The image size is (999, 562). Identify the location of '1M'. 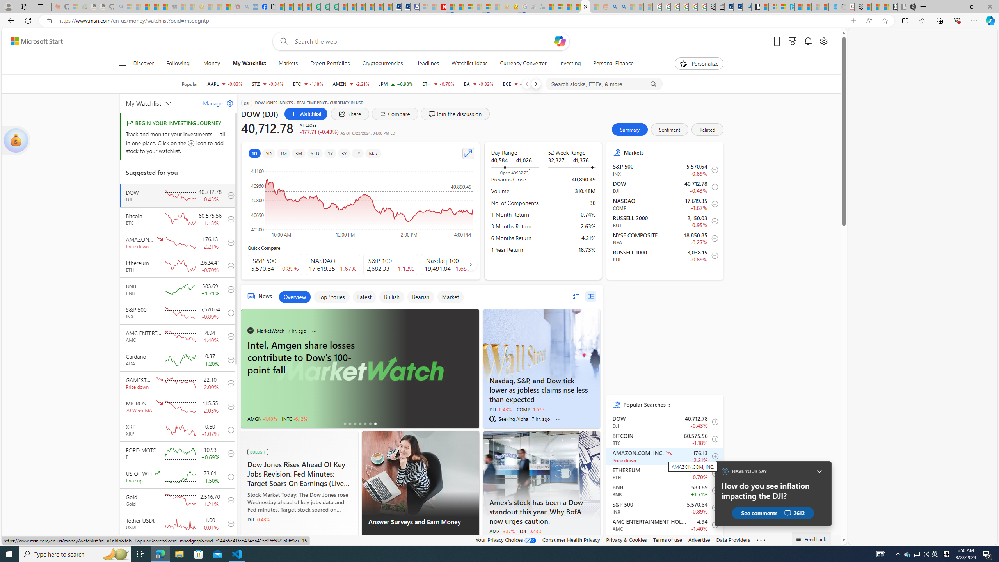
(283, 153).